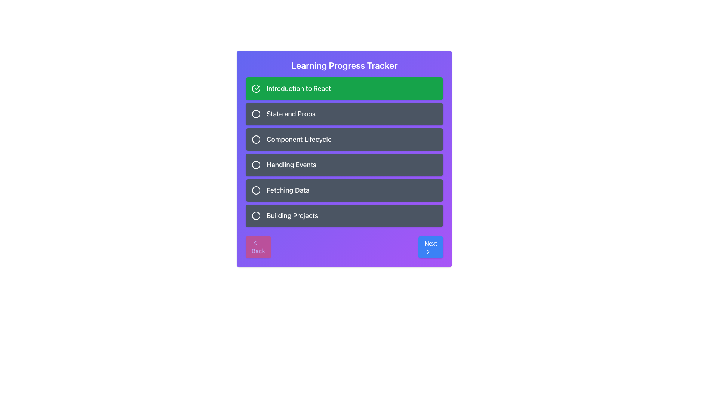 The image size is (718, 404). Describe the element at coordinates (256, 164) in the screenshot. I see `the indicator circle located in the third row of items, adjacent to the text 'Handling Events', for additional interactions` at that location.